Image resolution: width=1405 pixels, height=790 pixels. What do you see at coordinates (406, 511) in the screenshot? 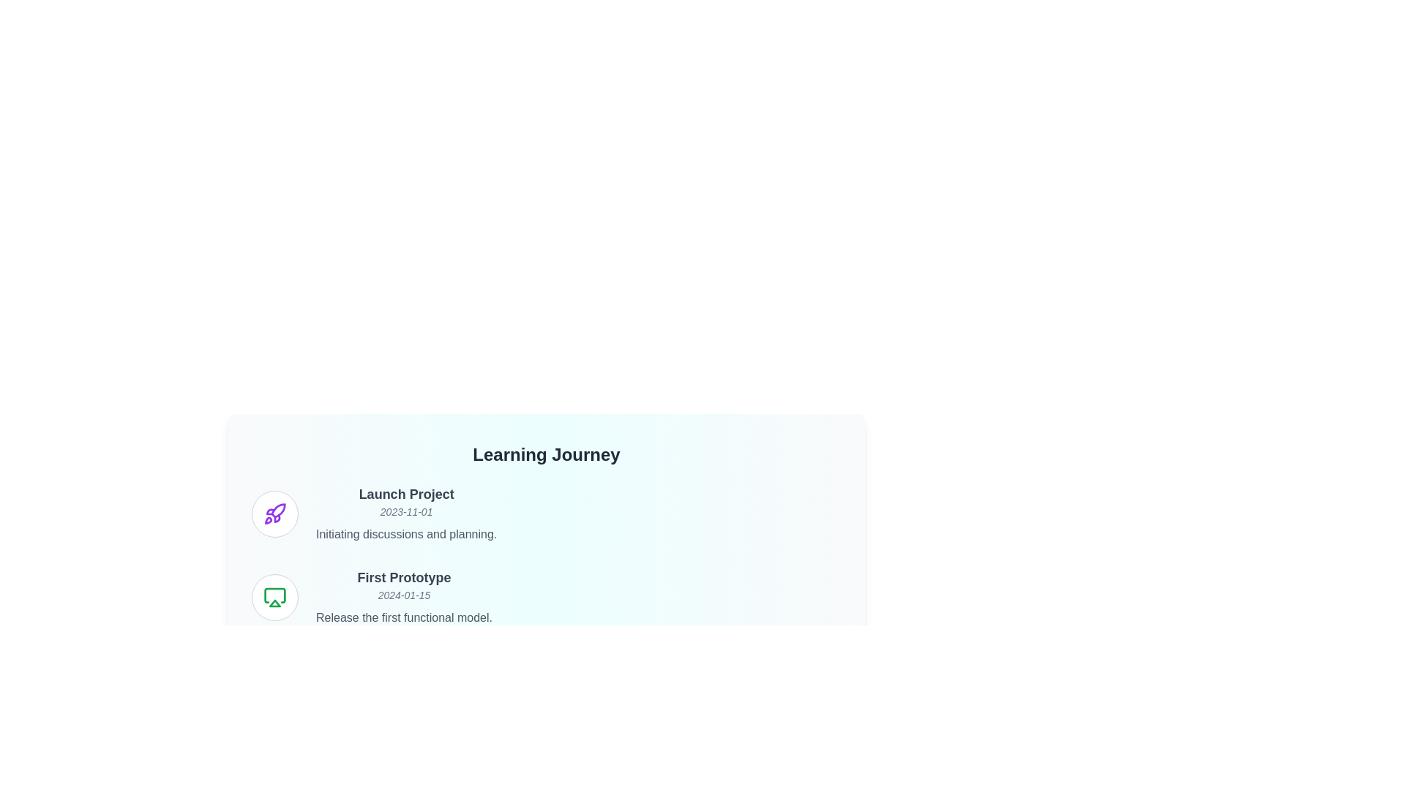
I see `the italicized gray text reading '2023-11-01', which is located beneath the 'Launch Project' heading` at bounding box center [406, 511].